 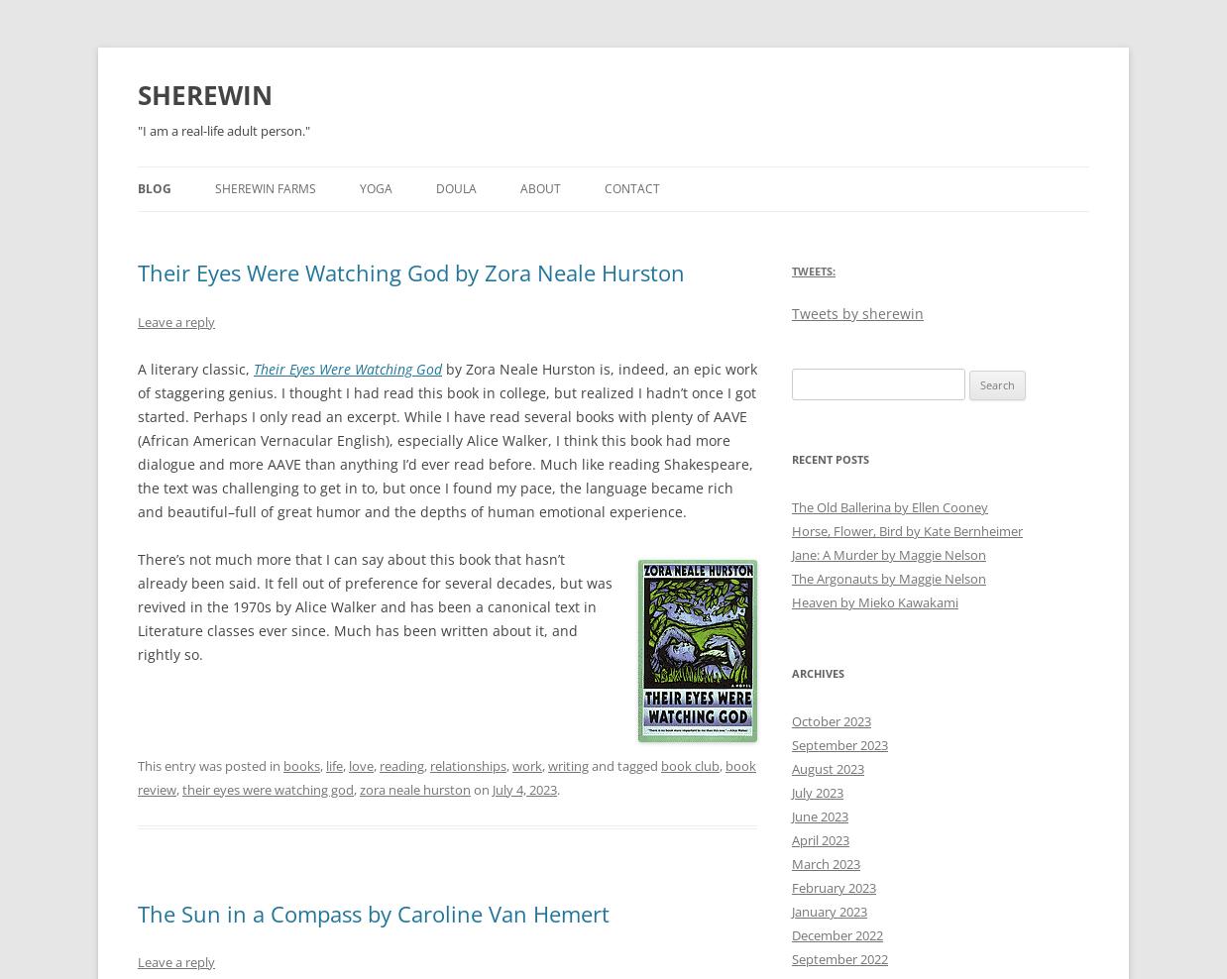 I want to click on 'by Zora Neale Hurston is, indeed, an epic work of staggering genius. I thought I had read this book in college, but realized I hadn’t once I got started. Perhaps I only read an excerpt. While I have read several books with plenty of AAVE (African American Vernacular English), especially Alice Walker, I think this book had more dialogue and more AAVE than anything I’d ever read before. Much like reading Shakespeare, the text was challenging to get in to, but once I found my pace, the language became rich and beautiful–full of great humor and the depths of human emotional experience.', so click(x=446, y=439).